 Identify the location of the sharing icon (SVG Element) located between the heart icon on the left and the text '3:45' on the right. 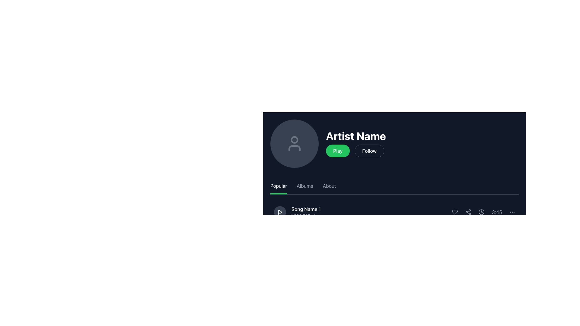
(468, 212).